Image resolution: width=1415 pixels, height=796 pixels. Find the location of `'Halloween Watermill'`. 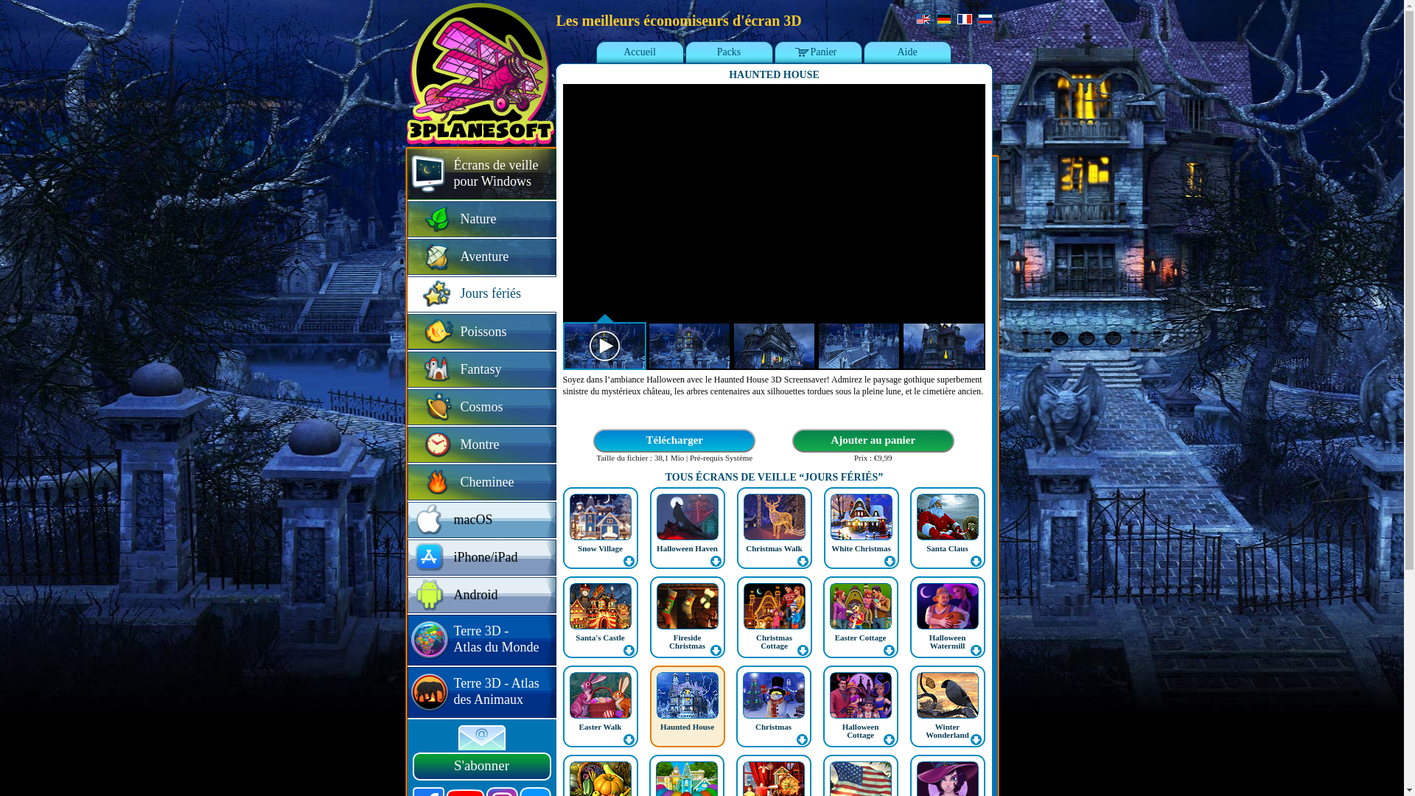

'Halloween Watermill' is located at coordinates (948, 640).